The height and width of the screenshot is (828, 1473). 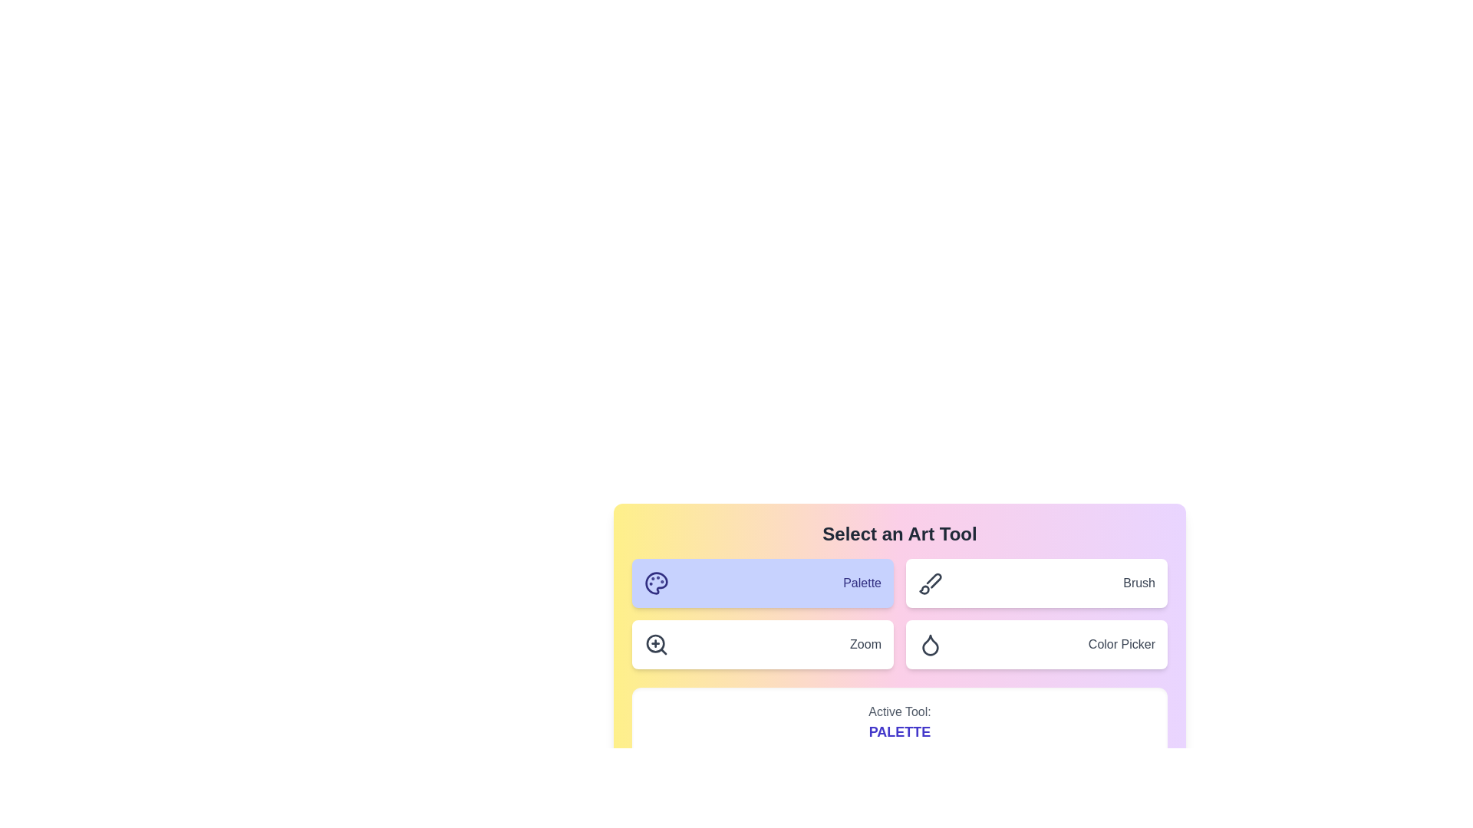 What do you see at coordinates (763, 644) in the screenshot?
I see `the tool Zoom by clicking its corresponding button` at bounding box center [763, 644].